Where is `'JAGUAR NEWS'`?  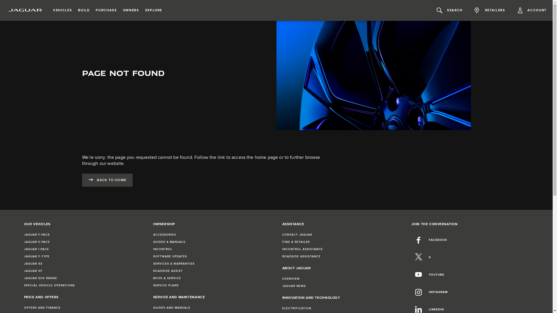 'JAGUAR NEWS' is located at coordinates (294, 286).